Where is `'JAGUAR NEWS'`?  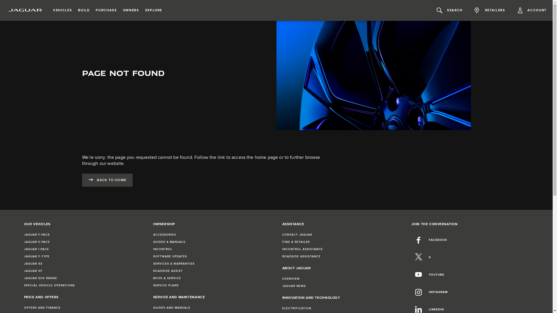 'JAGUAR NEWS' is located at coordinates (294, 286).